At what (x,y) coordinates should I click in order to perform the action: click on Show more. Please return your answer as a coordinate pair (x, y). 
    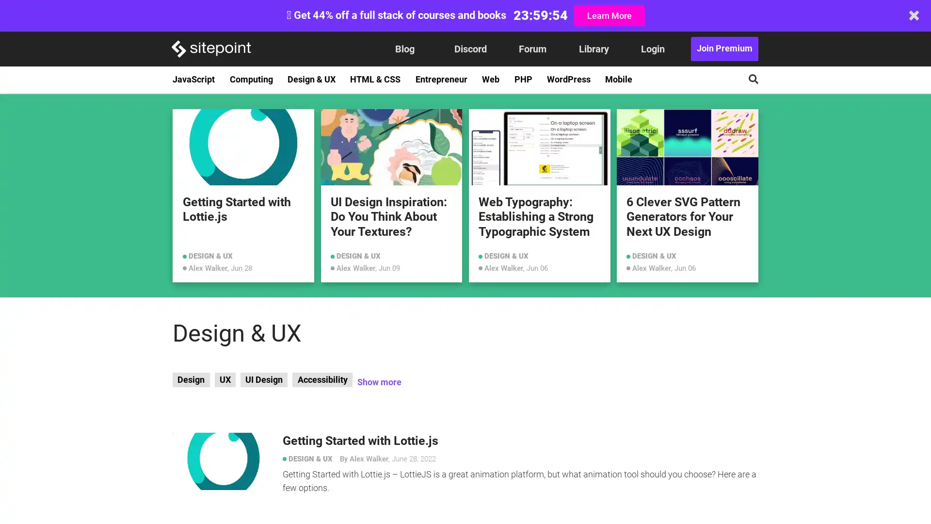
    Looking at the image, I should click on (378, 382).